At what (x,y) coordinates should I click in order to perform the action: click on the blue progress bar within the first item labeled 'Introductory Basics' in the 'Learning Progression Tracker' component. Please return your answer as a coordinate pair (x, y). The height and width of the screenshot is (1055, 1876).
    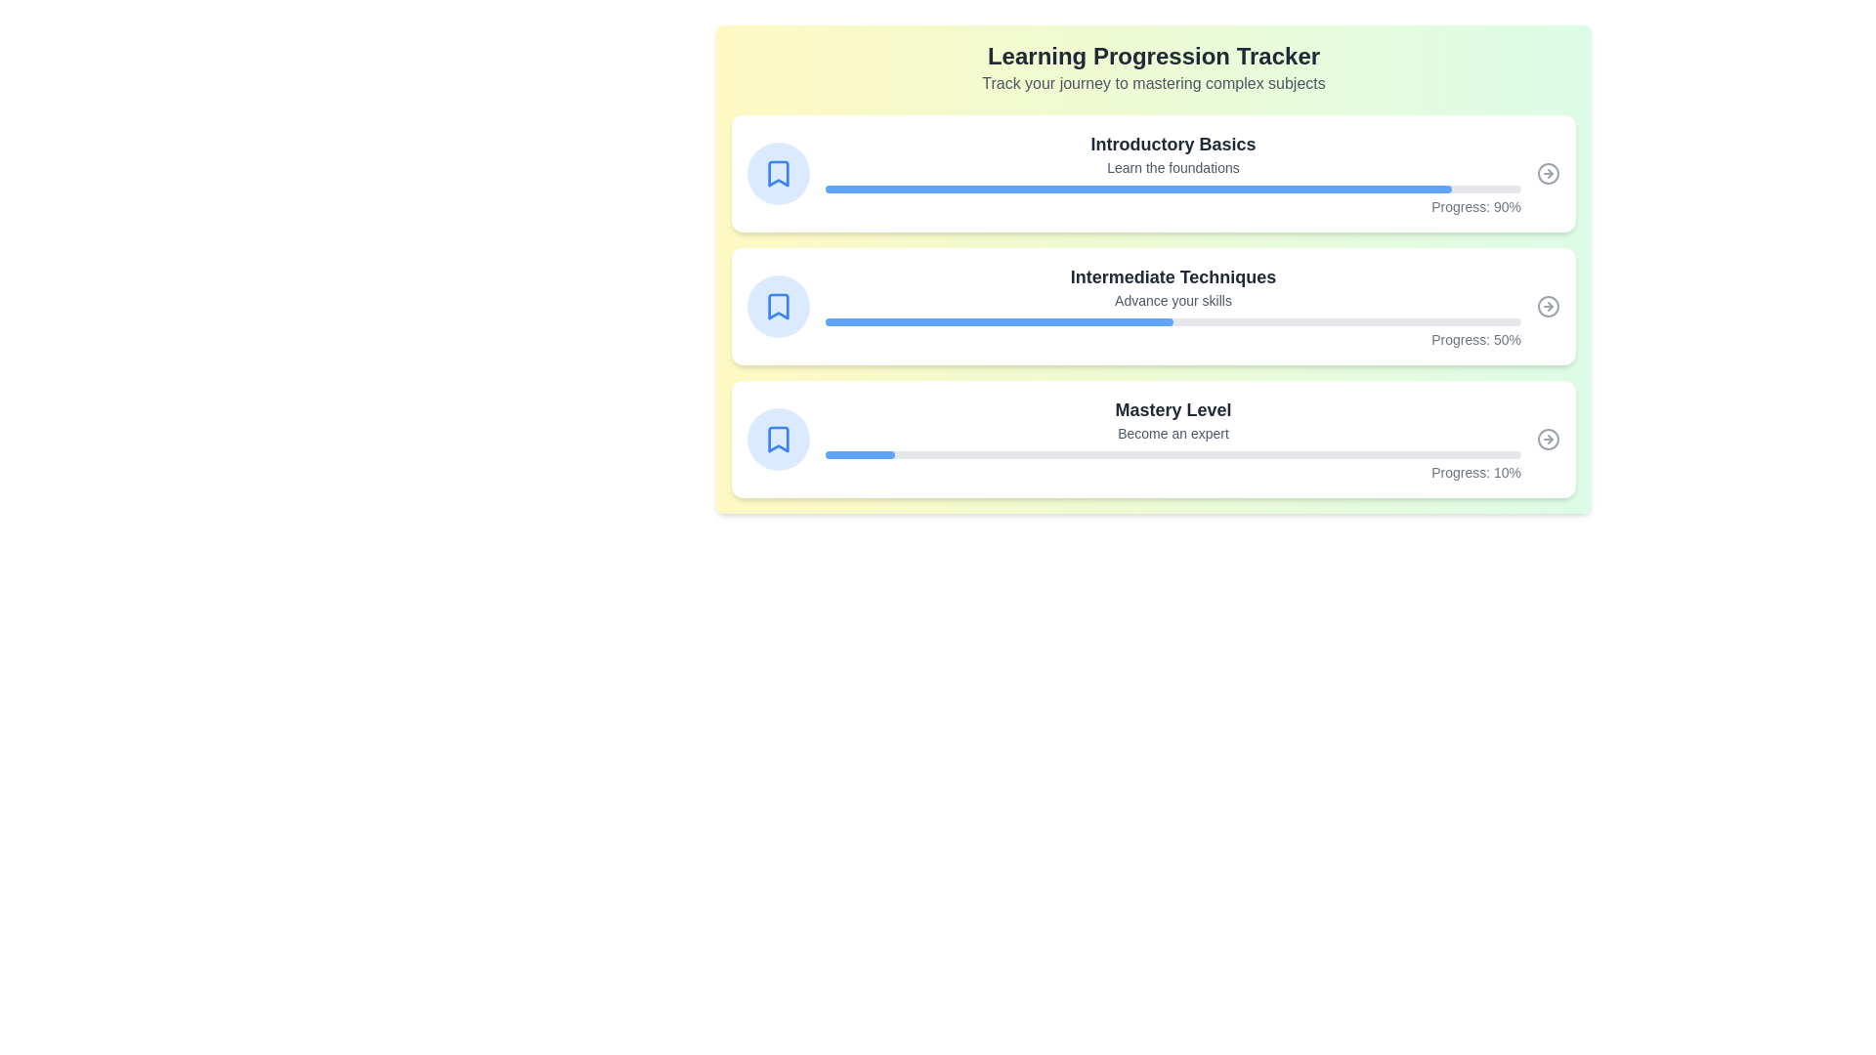
    Looking at the image, I should click on (1138, 189).